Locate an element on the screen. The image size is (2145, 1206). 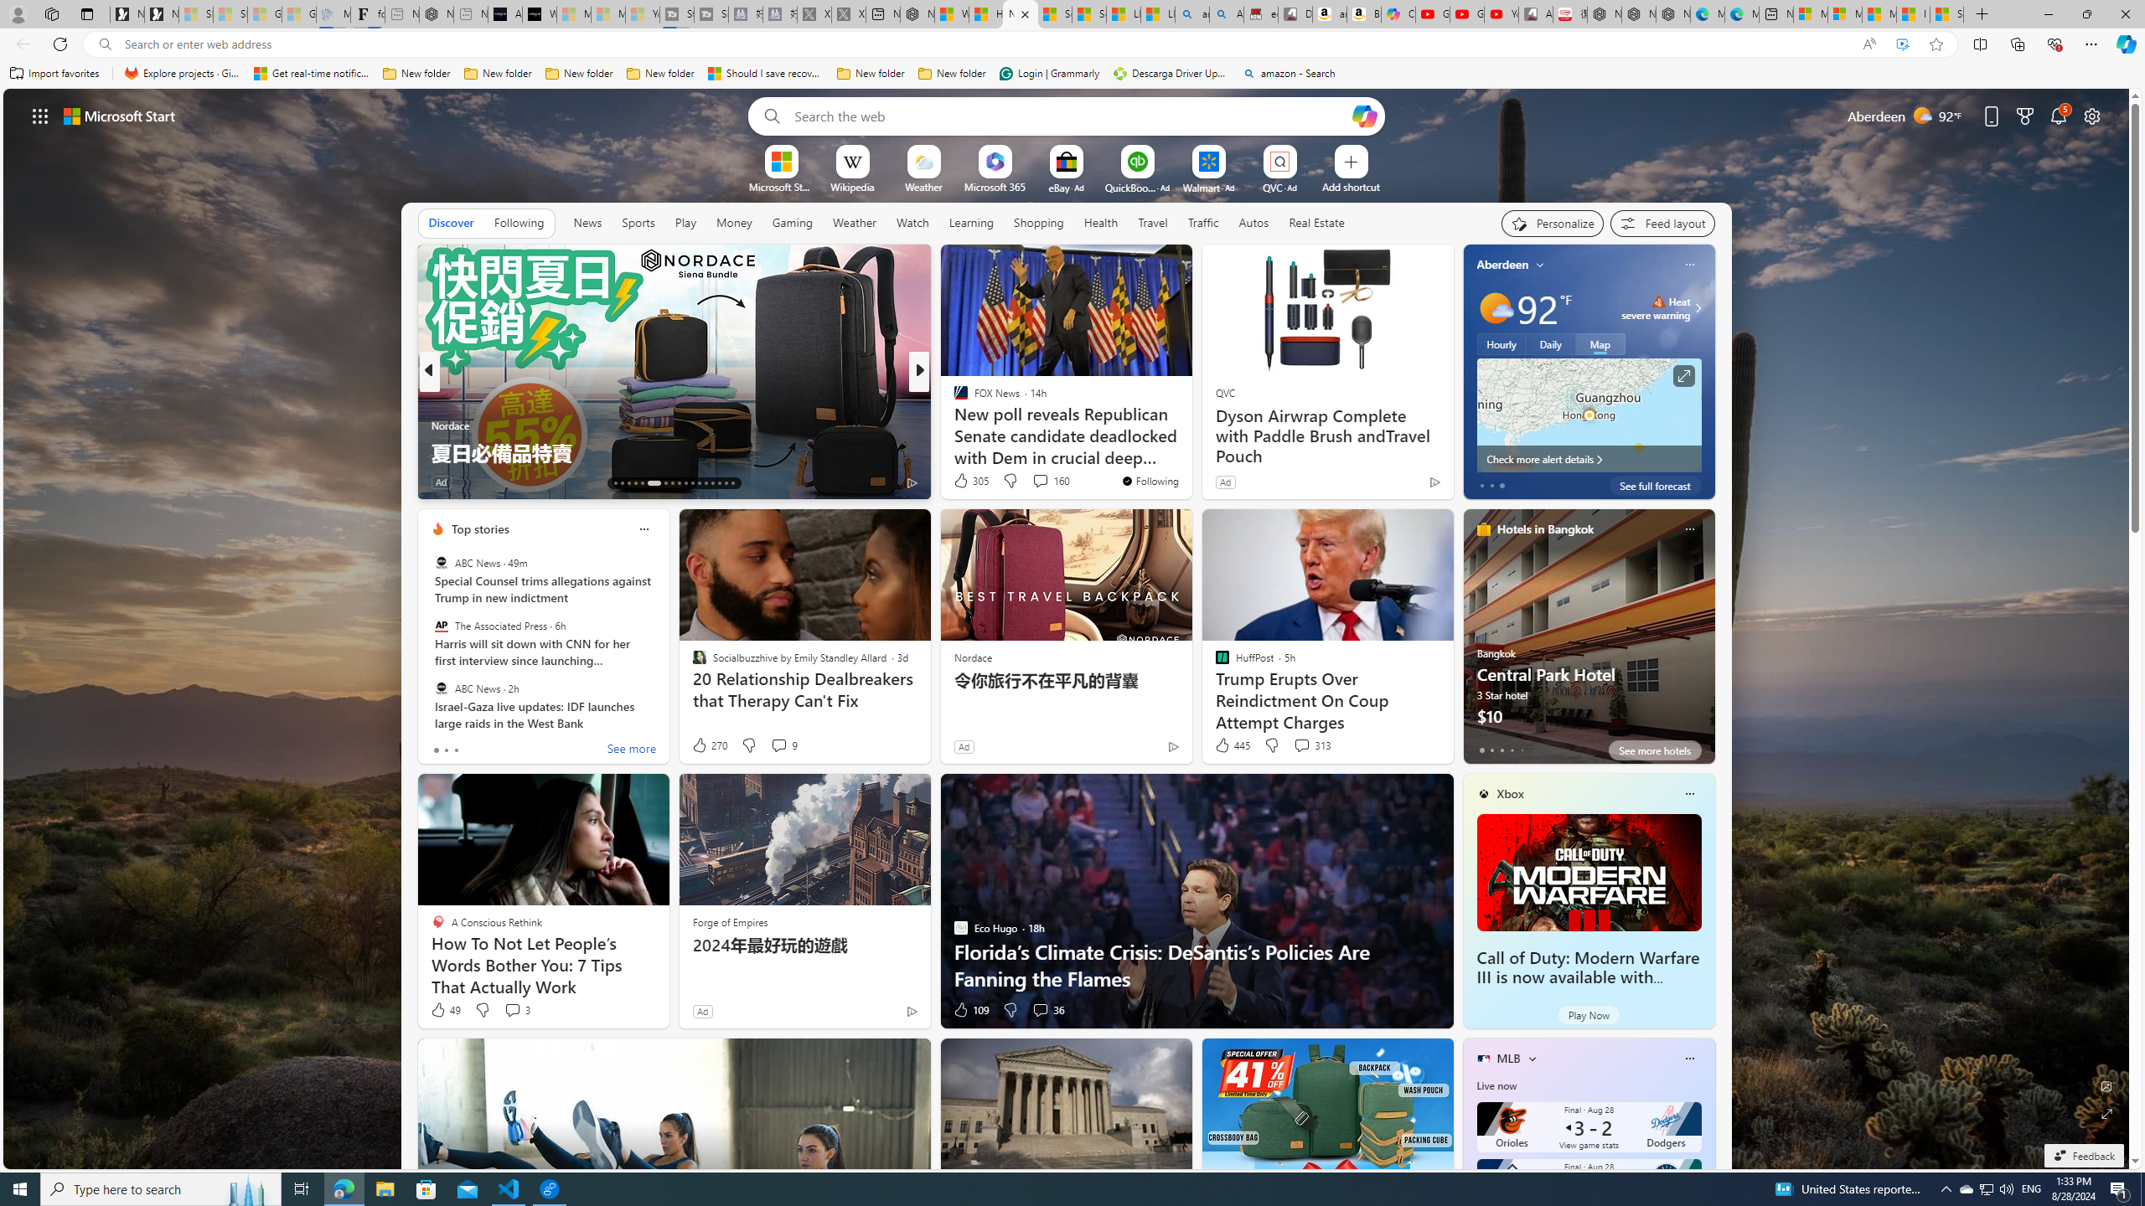
'Daily' is located at coordinates (1550, 343).